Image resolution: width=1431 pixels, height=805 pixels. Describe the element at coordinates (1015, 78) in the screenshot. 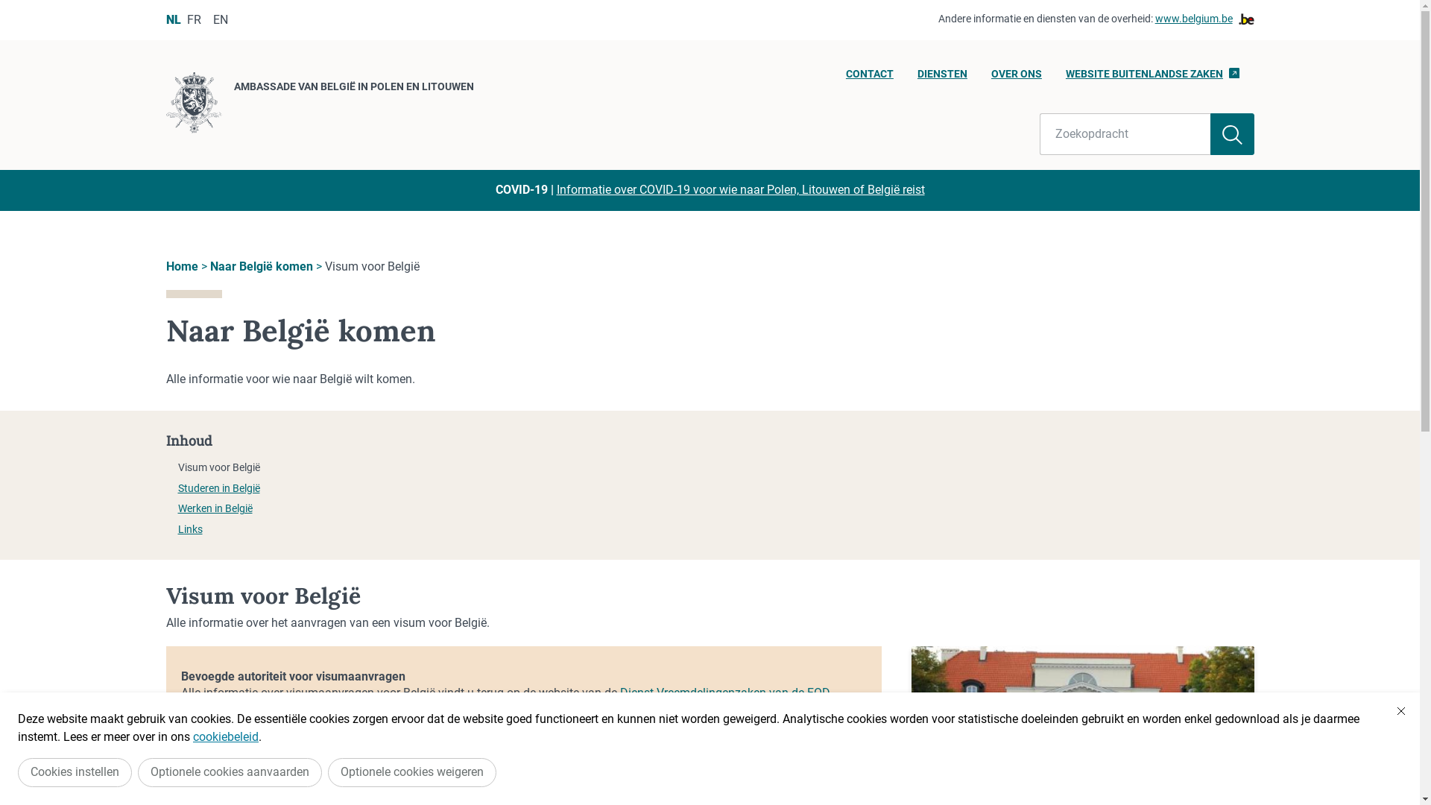

I see `'OVER ONS'` at that location.